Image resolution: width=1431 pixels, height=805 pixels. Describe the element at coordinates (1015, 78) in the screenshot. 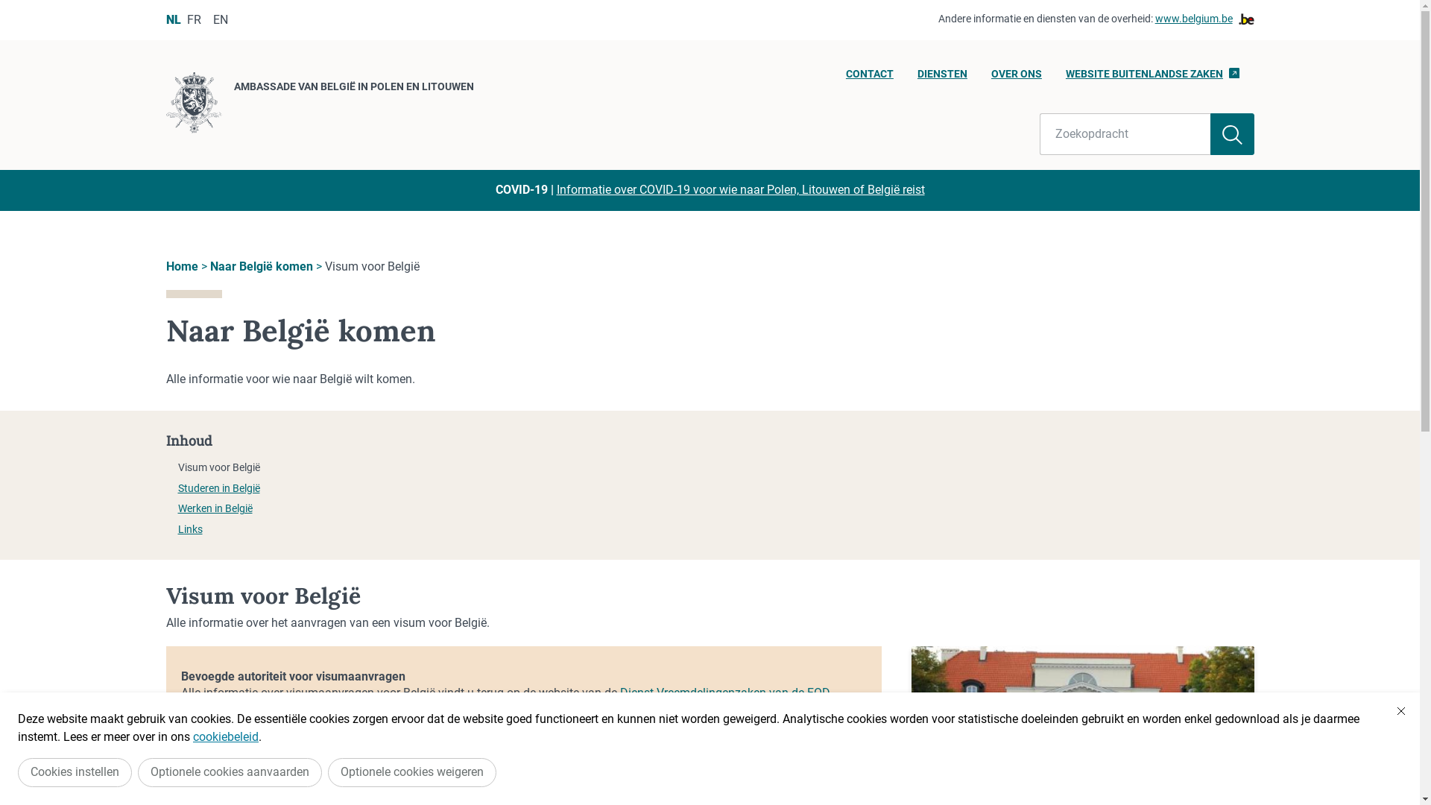

I see `'OVER ONS'` at that location.